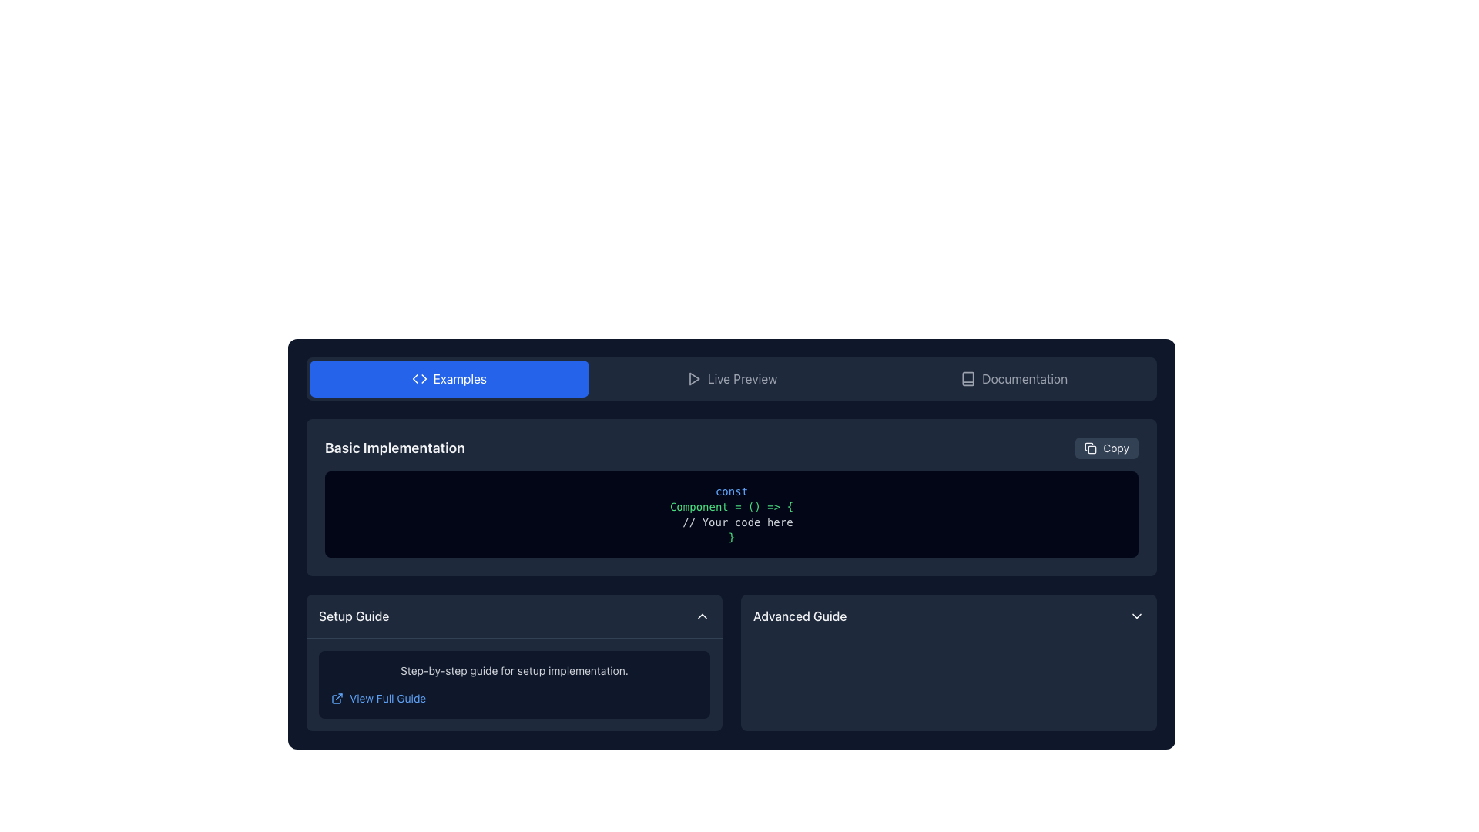 The height and width of the screenshot is (832, 1479). What do you see at coordinates (743, 379) in the screenshot?
I see `the Text Label located in the horizontal navigation bar, which is positioned to the right of the 'Examples' button and adjacent to a play icon` at bounding box center [743, 379].